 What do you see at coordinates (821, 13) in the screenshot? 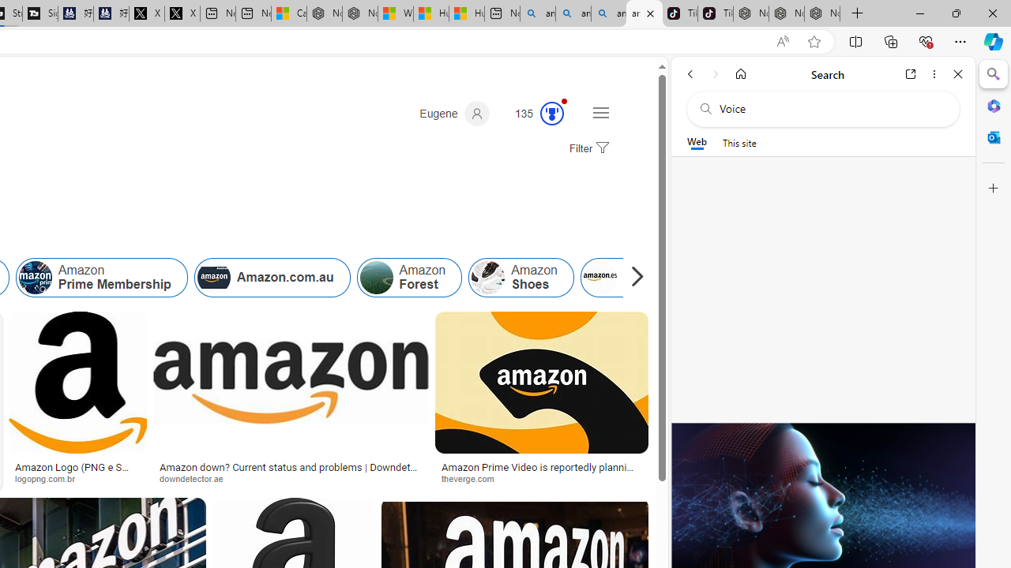
I see `'Nordace - Siena Pro 15 Essential Set'` at bounding box center [821, 13].